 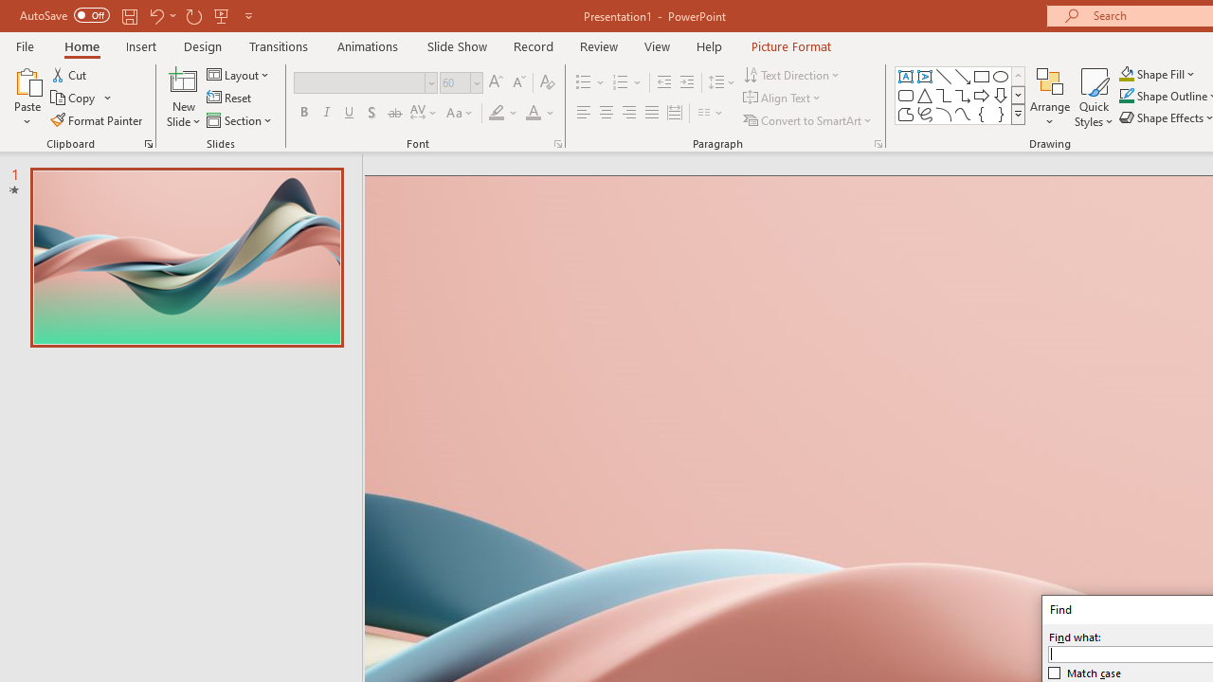 What do you see at coordinates (663, 81) in the screenshot?
I see `'Decrease Indent'` at bounding box center [663, 81].